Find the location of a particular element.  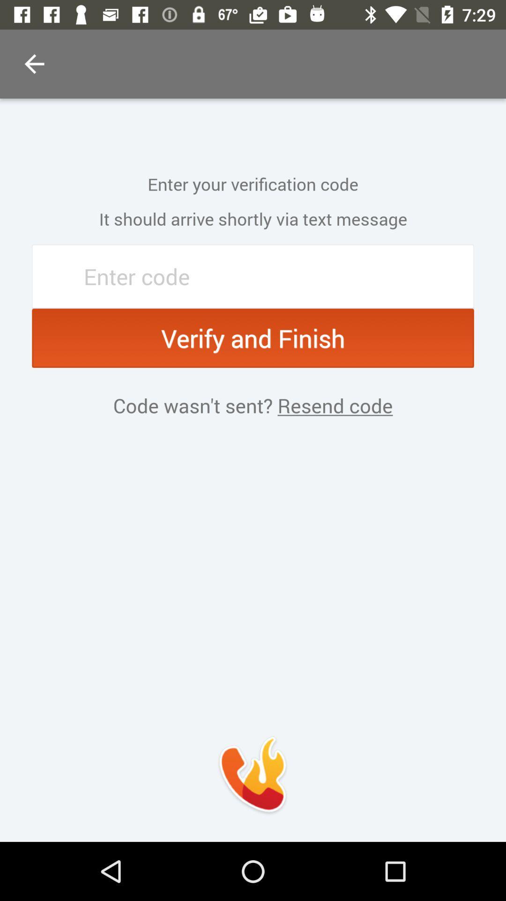

item next to code wasn t is located at coordinates (332, 405).